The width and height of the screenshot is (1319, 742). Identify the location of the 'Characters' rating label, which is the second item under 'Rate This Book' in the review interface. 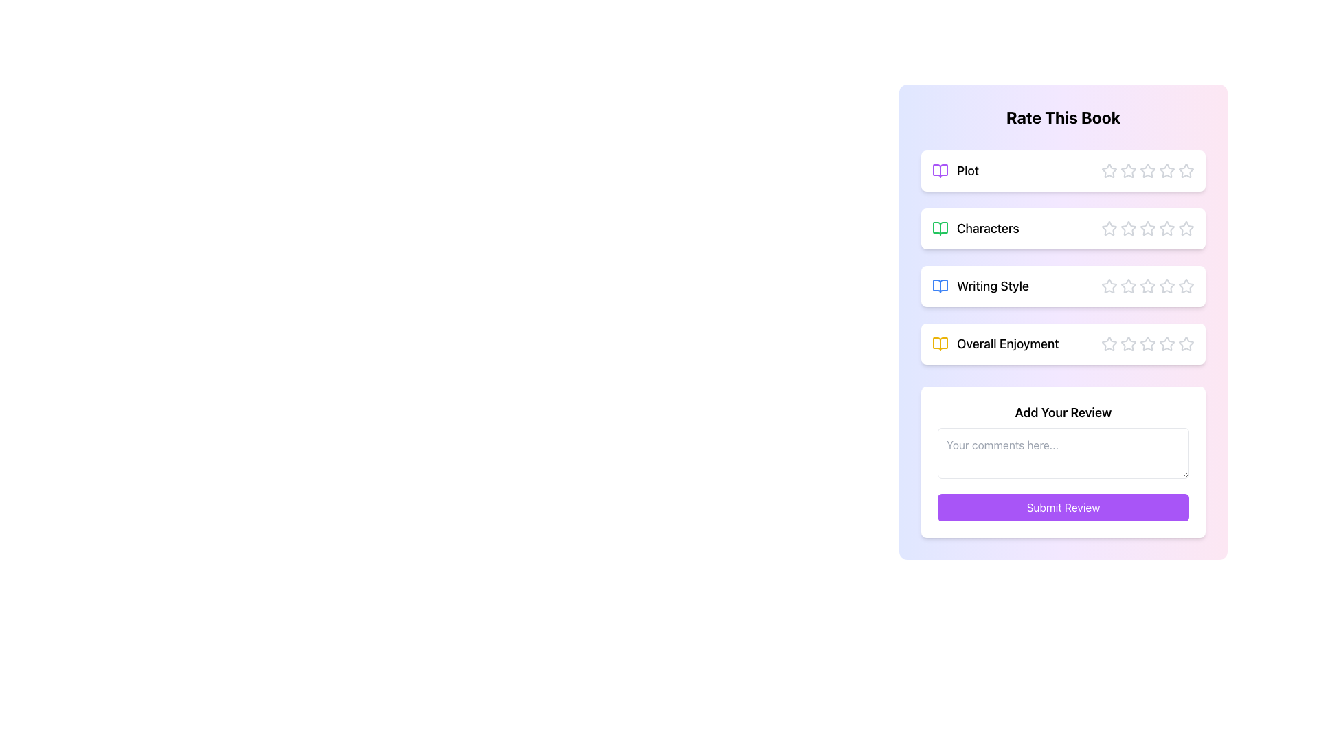
(975, 227).